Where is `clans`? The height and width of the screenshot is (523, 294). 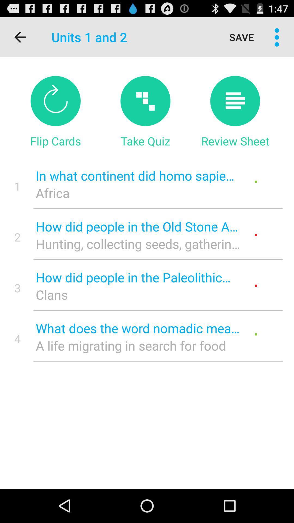
clans is located at coordinates (137, 294).